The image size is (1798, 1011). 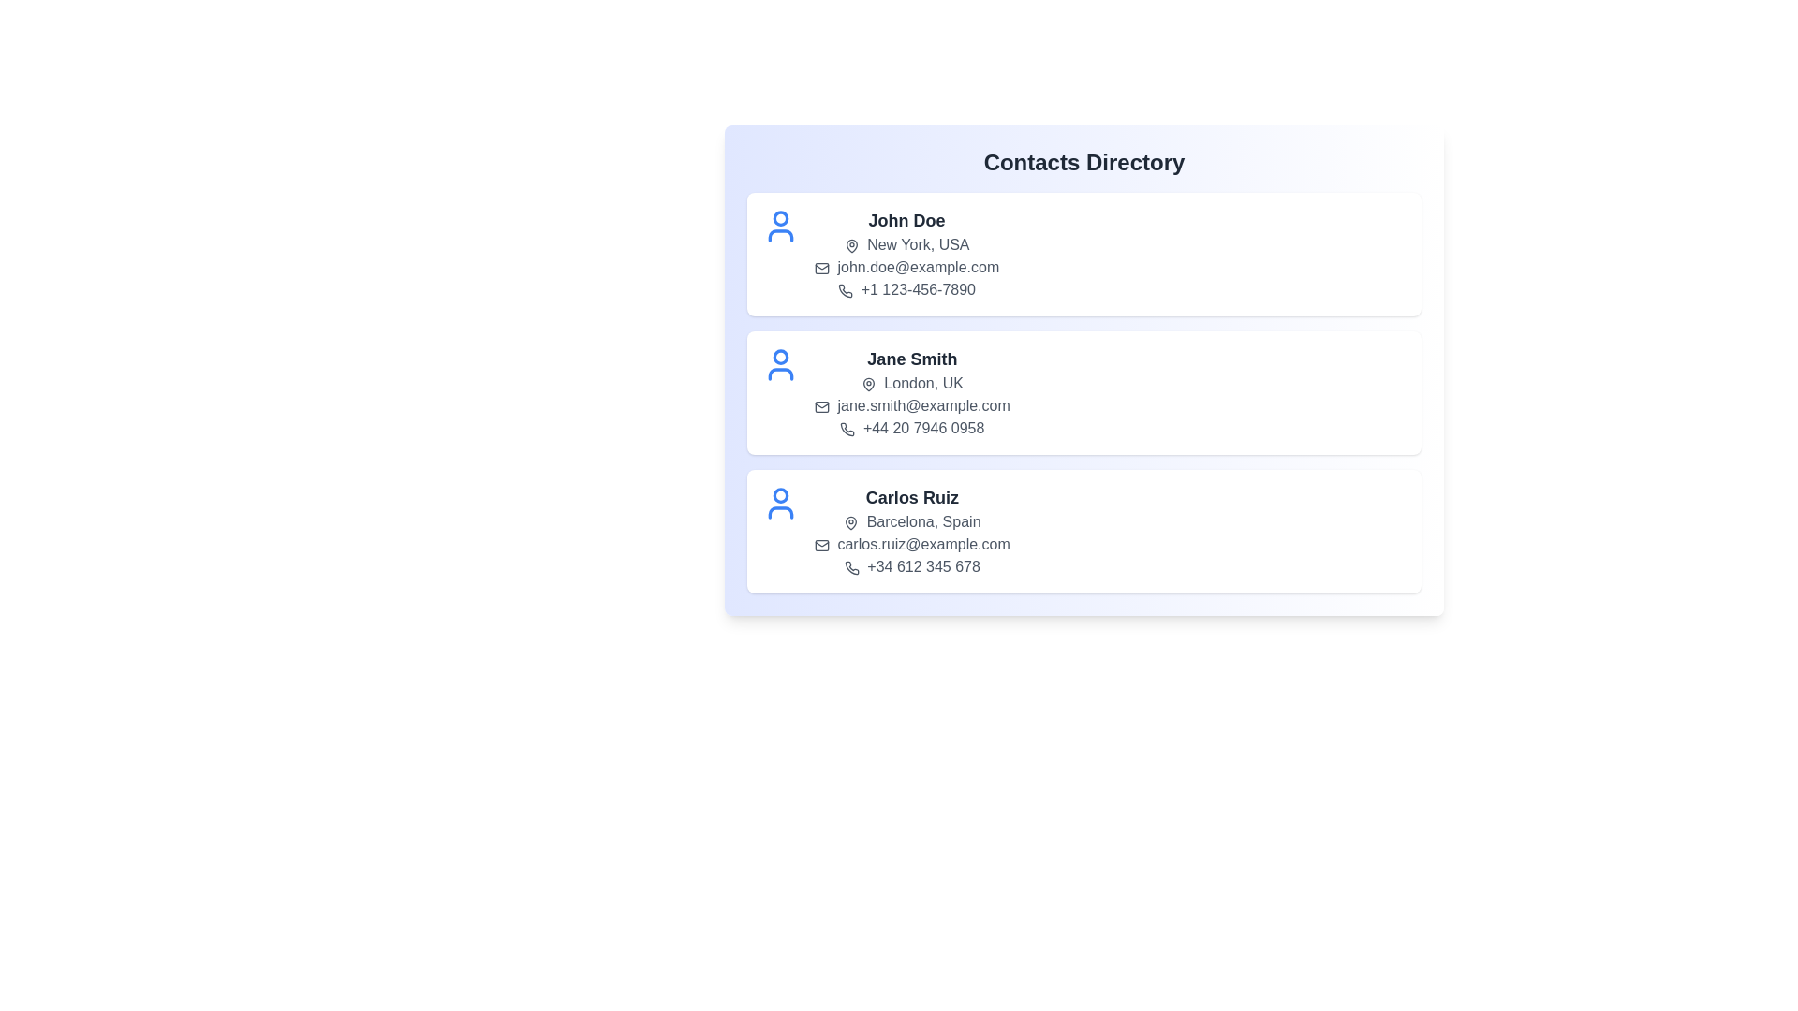 I want to click on the contact list item for John Doe, so click(x=1083, y=255).